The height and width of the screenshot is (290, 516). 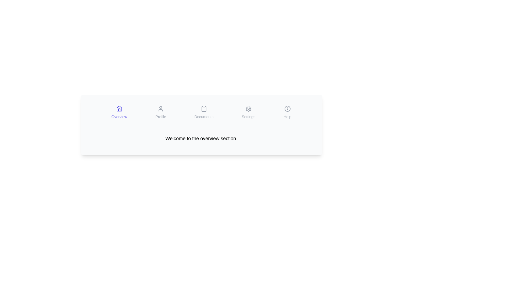 I want to click on the 'Documents' text label located below the clipboard icon in the navigation bar, so click(x=203, y=117).